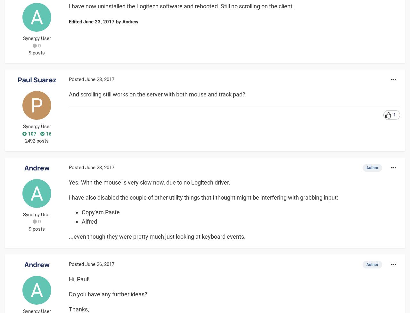 This screenshot has width=410, height=313. What do you see at coordinates (157, 94) in the screenshot?
I see `'And scrolling still works on the server with both mouse and track pad?'` at bounding box center [157, 94].